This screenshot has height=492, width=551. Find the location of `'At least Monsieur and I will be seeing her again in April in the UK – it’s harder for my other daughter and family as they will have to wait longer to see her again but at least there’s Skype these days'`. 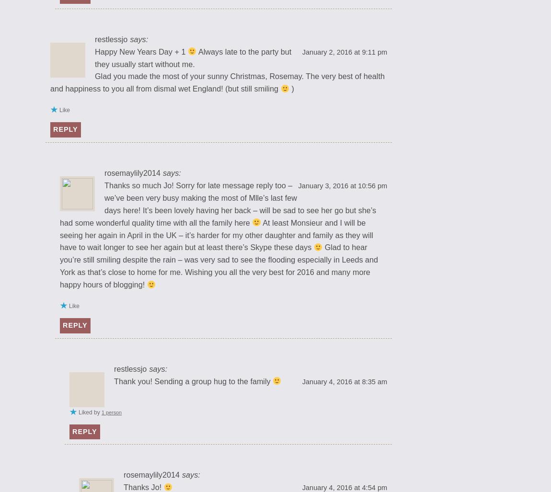

'At least Monsieur and I will be seeing her again in April in the UK – it’s harder for my other daughter and family as they will have to wait longer to see her again but at least there’s Skype these days' is located at coordinates (216, 234).